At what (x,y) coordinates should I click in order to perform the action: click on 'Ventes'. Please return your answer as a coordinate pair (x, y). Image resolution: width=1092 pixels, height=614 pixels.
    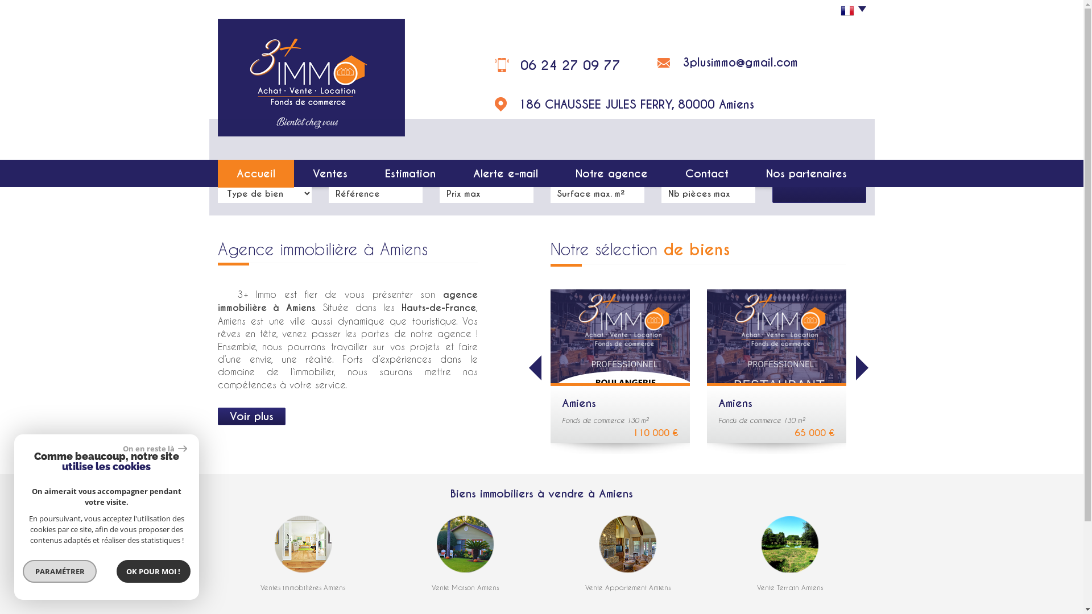
    Looking at the image, I should click on (329, 173).